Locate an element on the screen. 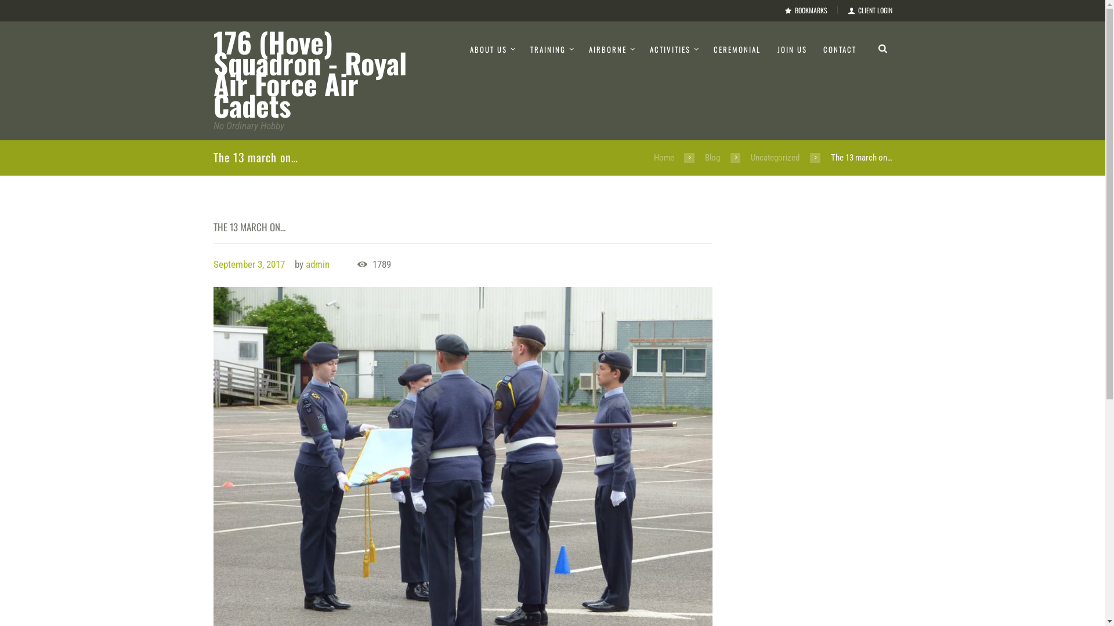 This screenshot has height=626, width=1114. 'Home' is located at coordinates (664, 158).